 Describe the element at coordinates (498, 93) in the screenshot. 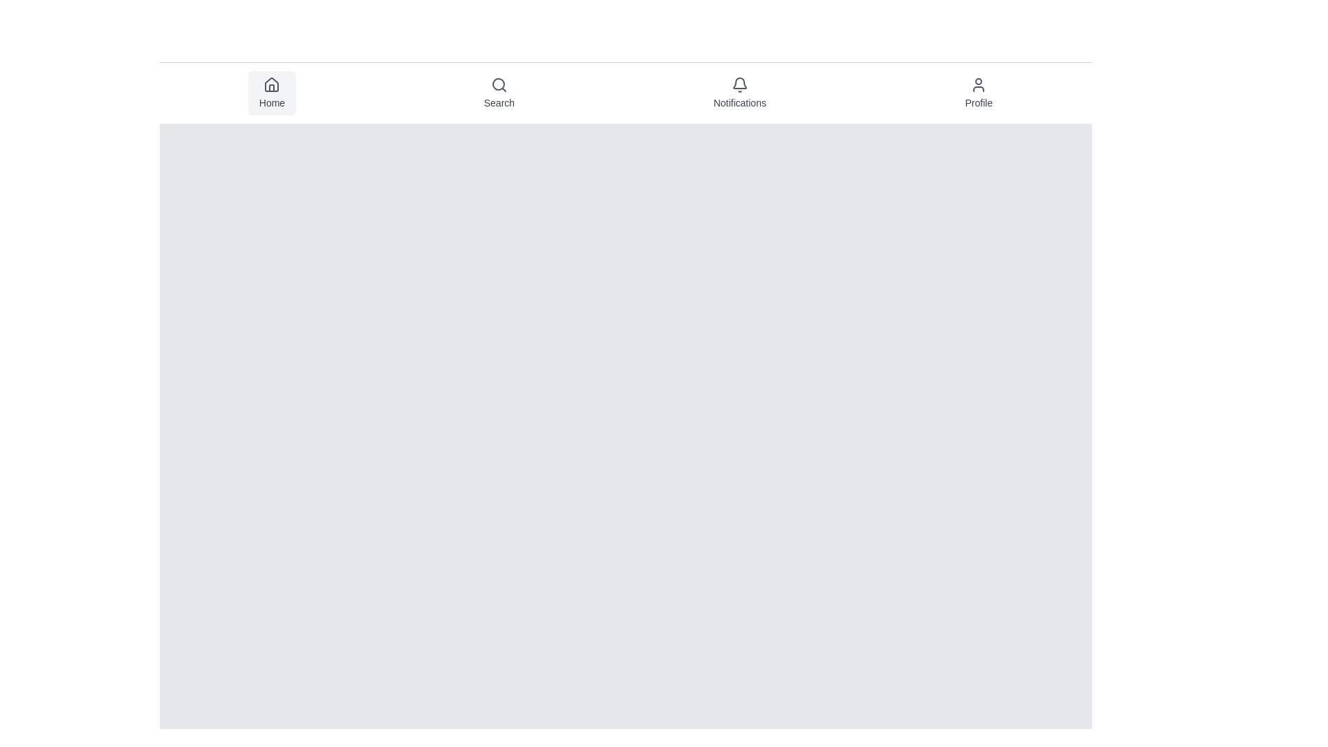

I see `the 'Search' button, which features a magnifying glass icon and is located between the 'Home' and 'Notifications' buttons in a horizontal layout at the top center of the interface` at that location.